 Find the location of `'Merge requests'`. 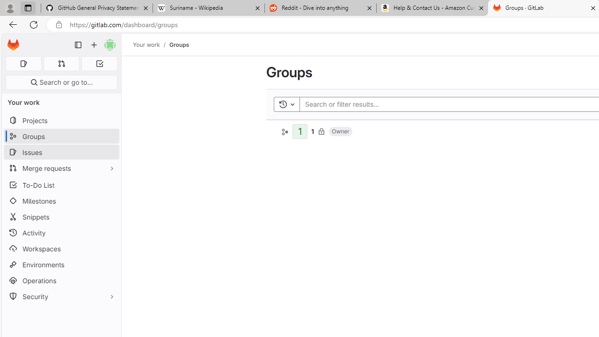

'Merge requests' is located at coordinates (61, 168).